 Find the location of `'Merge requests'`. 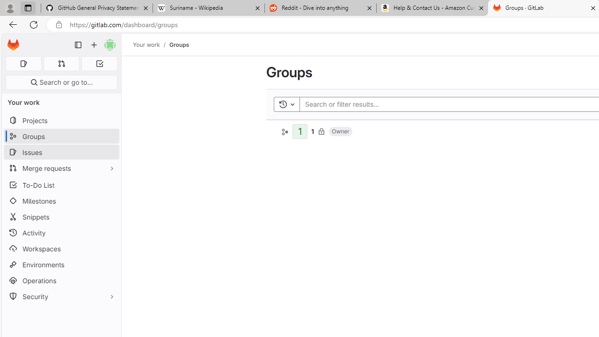

'Merge requests' is located at coordinates (61, 168).